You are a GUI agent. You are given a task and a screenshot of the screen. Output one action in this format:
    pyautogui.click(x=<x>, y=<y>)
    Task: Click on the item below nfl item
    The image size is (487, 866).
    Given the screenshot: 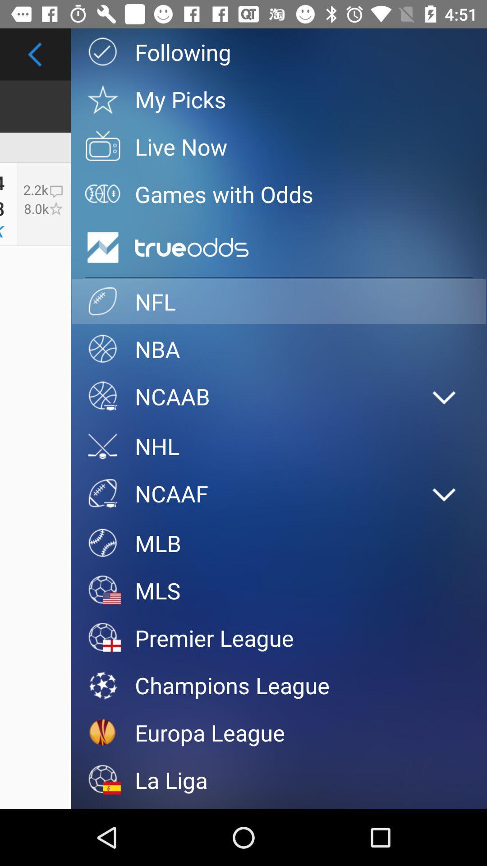 What is the action you would take?
    pyautogui.click(x=278, y=348)
    